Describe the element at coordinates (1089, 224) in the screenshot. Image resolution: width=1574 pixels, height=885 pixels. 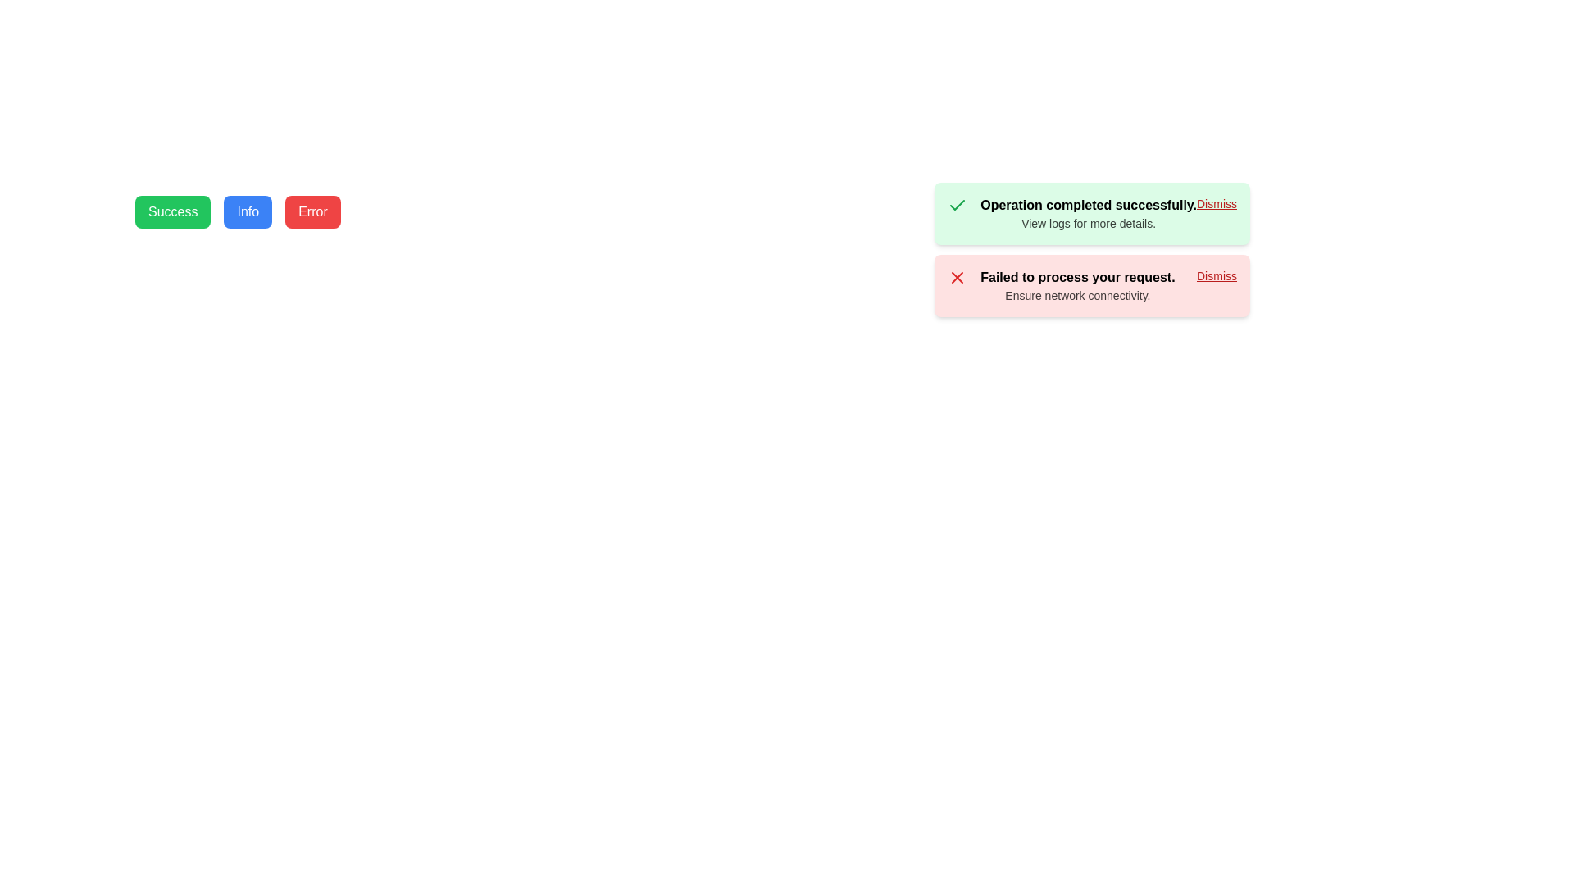
I see `the text label providing additional information below the 'Operation completed successfully.' message in the green notification box` at that location.